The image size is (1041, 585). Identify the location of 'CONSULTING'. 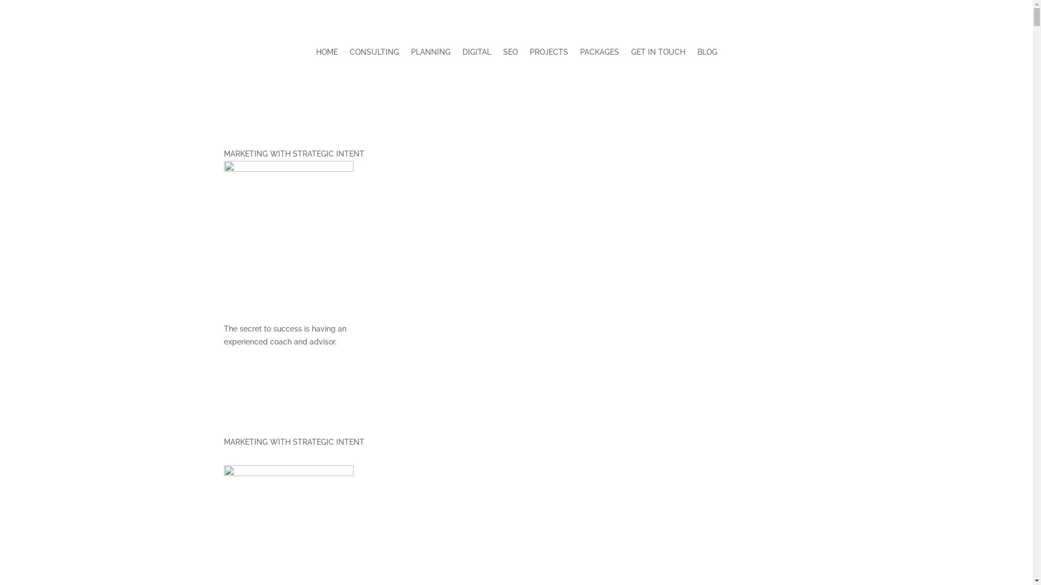
(374, 54).